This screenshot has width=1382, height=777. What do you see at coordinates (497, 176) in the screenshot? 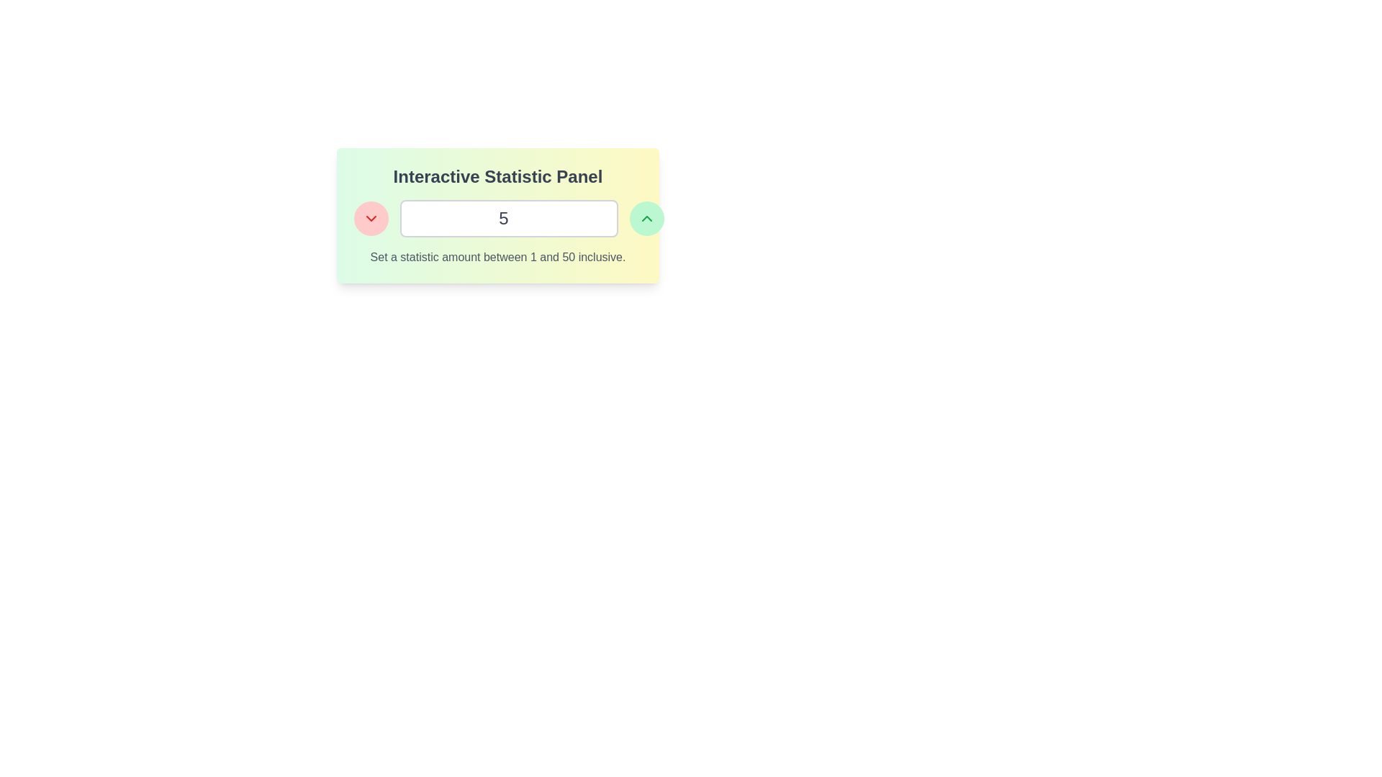
I see `text from the Header or Title Label located at the top of the statistical input panel, which provides context about the panel's purpose` at bounding box center [497, 176].